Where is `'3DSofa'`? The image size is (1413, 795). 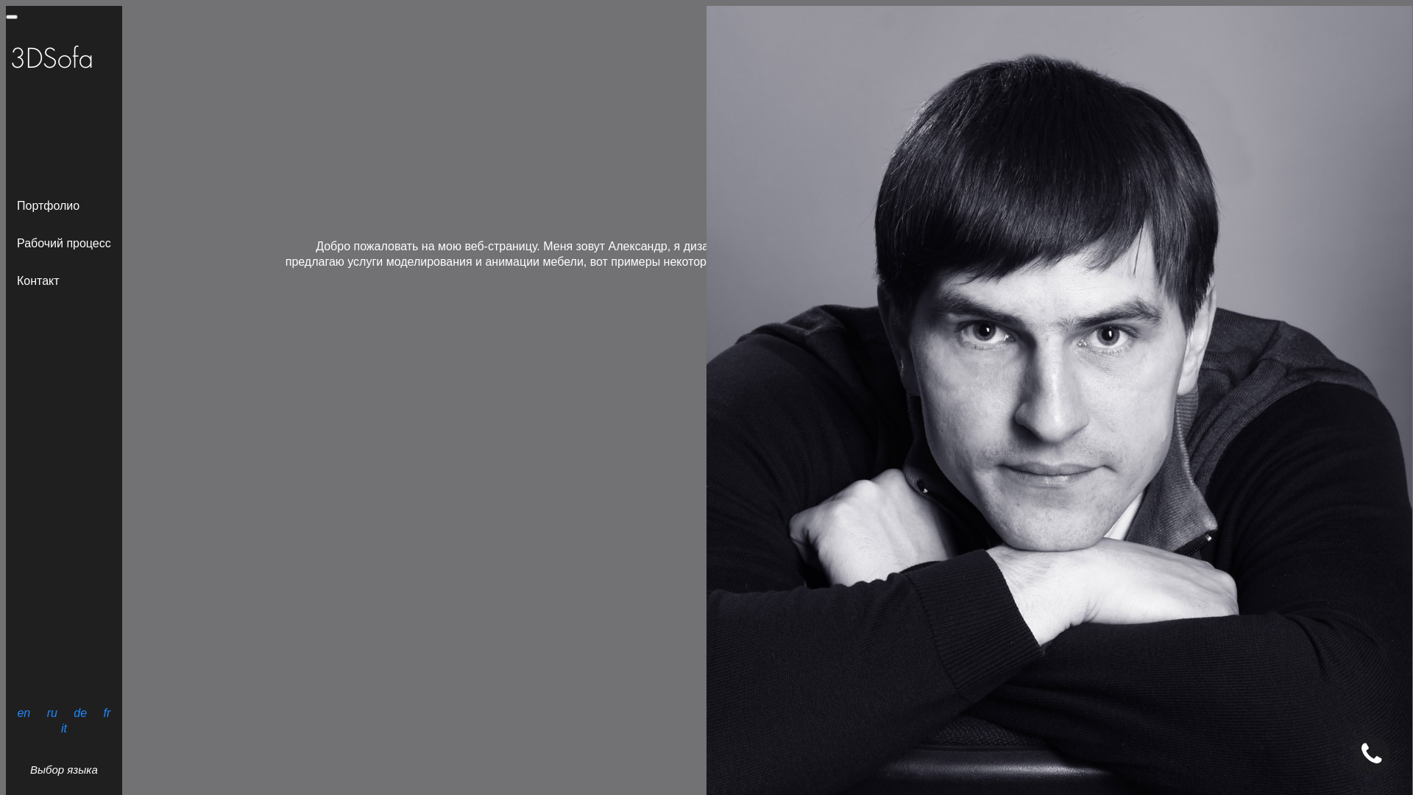
'3DSofa' is located at coordinates (6, 59).